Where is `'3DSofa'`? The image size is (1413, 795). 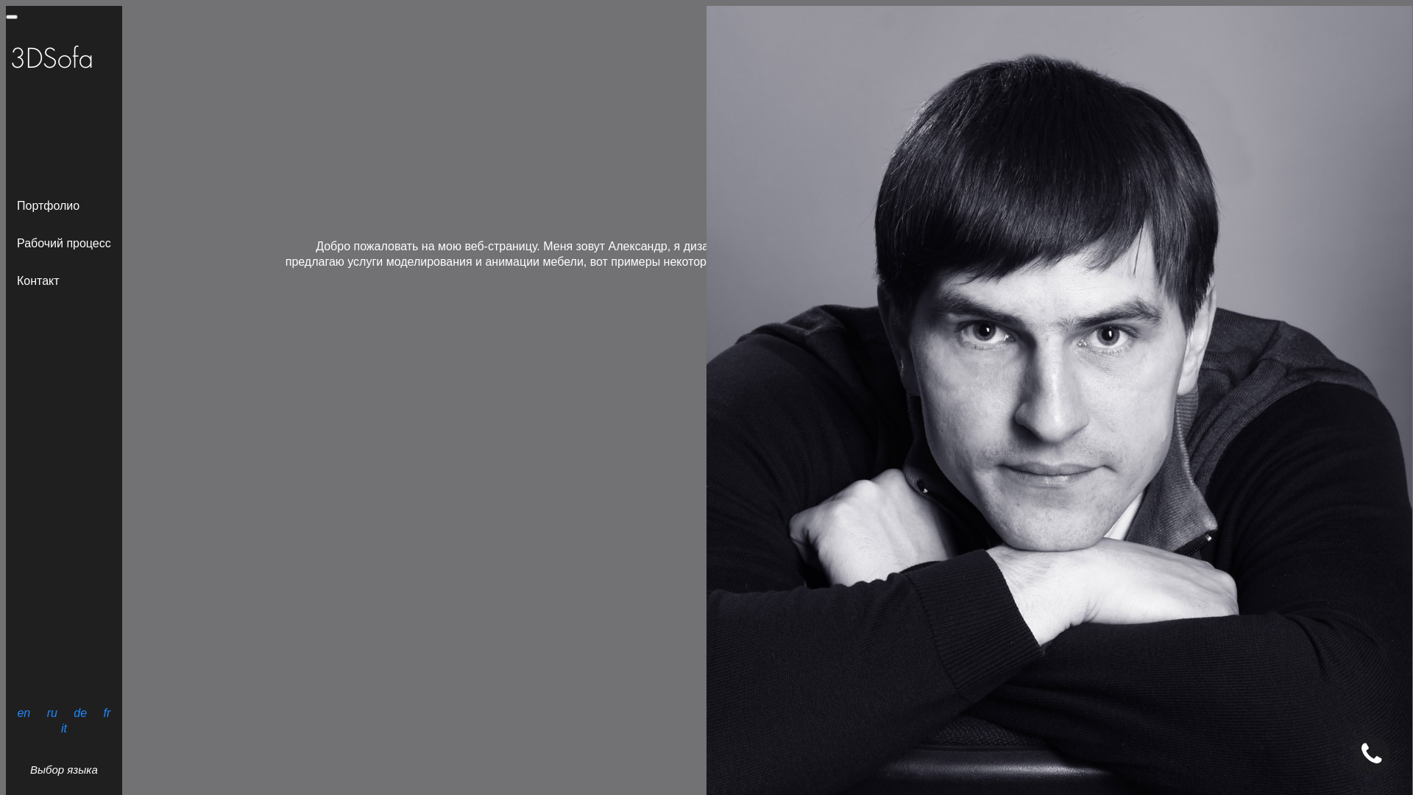
'3DSofa' is located at coordinates (6, 59).